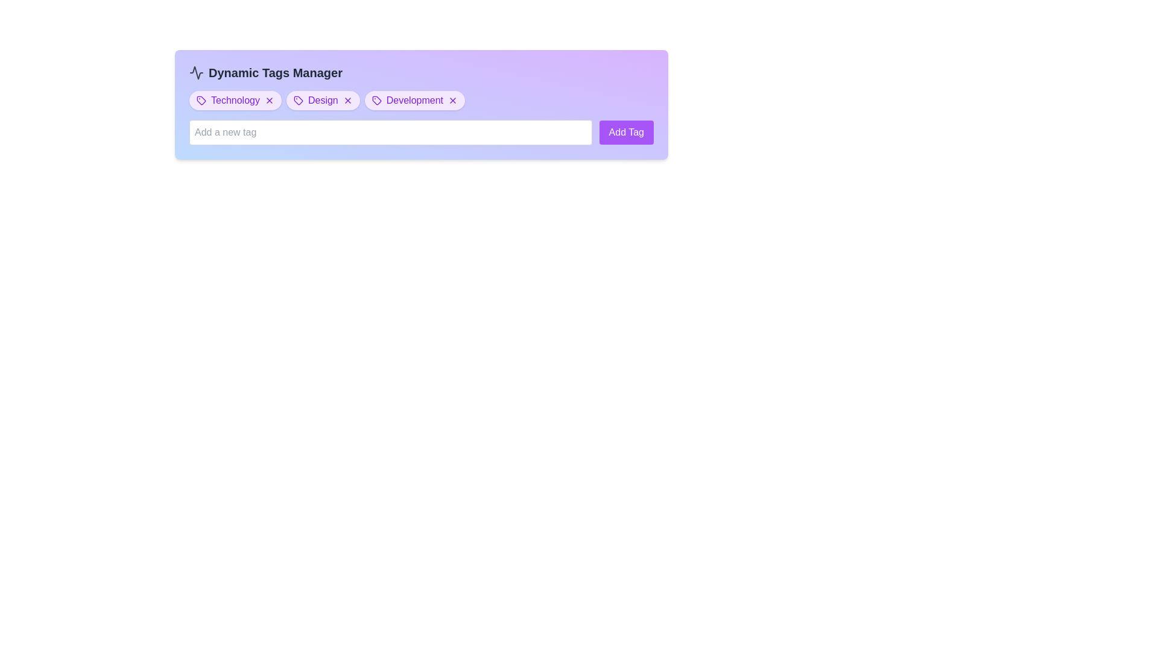 The image size is (1158, 651). I want to click on the SVG Icon on the left side of the top bar labeled 'Dynamic Tags Manager', which serves as a visual identifier or logo for the interface, so click(197, 72).